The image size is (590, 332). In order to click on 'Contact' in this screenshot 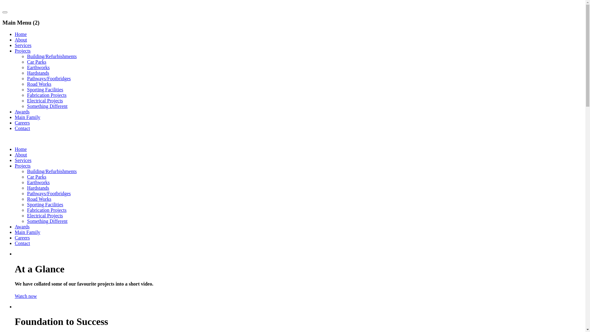, I will do `click(22, 128)`.